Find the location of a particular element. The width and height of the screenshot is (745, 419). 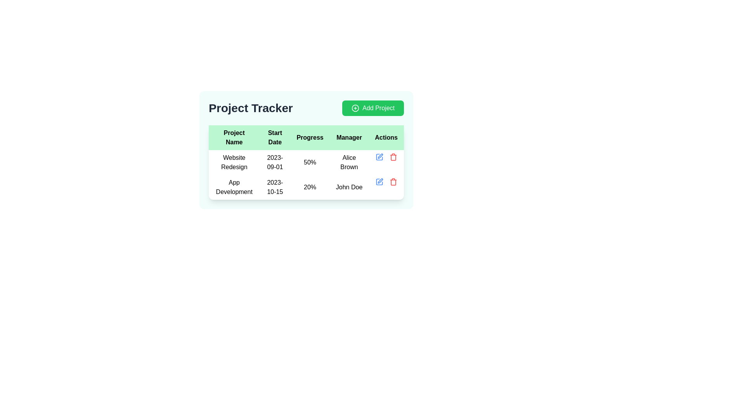

the blue edit icon located in the second row under the 'Actions' column is located at coordinates (379, 157).